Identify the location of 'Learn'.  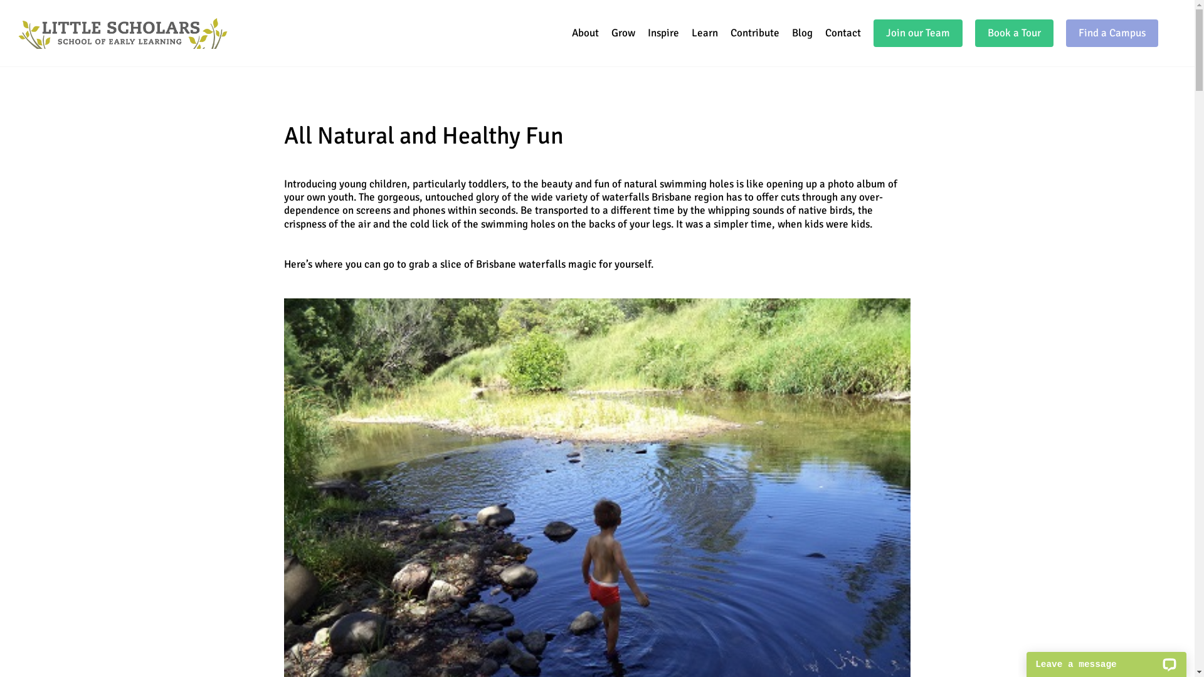
(704, 33).